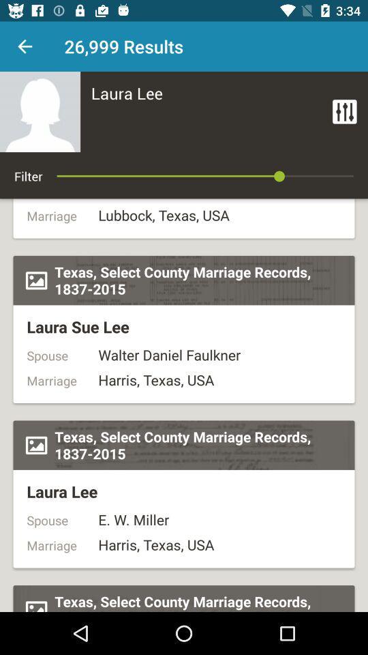 The image size is (368, 655). I want to click on the sliders icon, so click(343, 111).